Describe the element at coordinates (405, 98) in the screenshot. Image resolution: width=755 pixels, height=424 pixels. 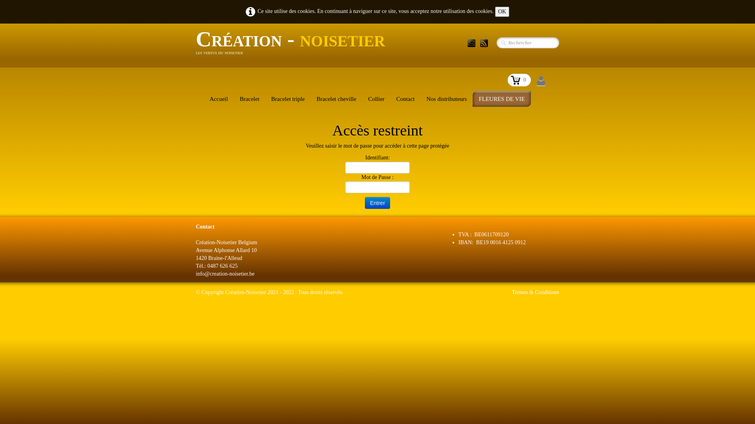
I see `'Contact'` at that location.